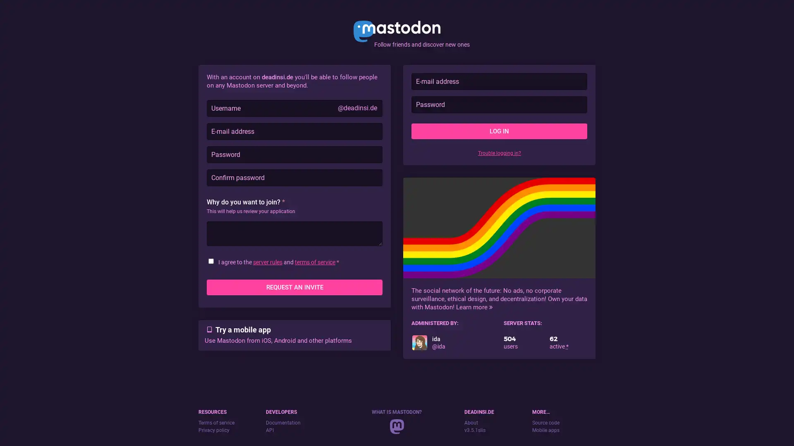 Image resolution: width=794 pixels, height=446 pixels. I want to click on REQUEST AN INVITE, so click(294, 287).